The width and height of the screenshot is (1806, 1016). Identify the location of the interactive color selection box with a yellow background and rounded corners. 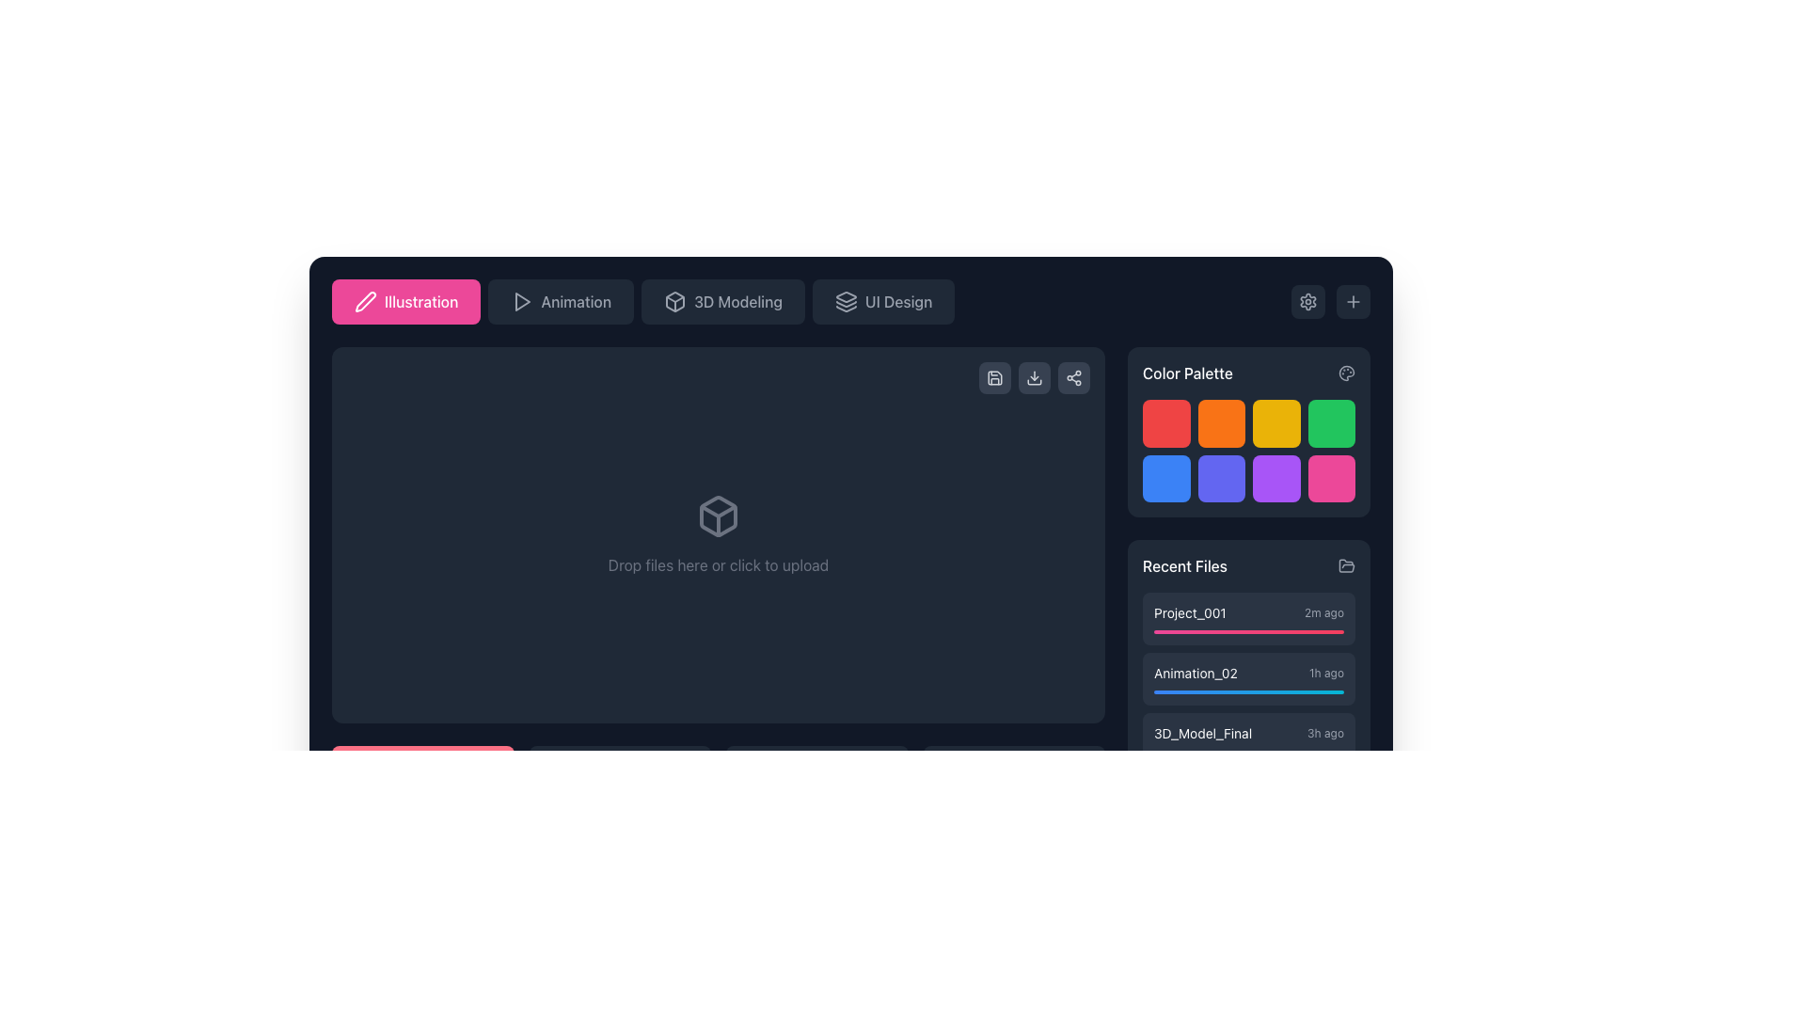
(1276, 423).